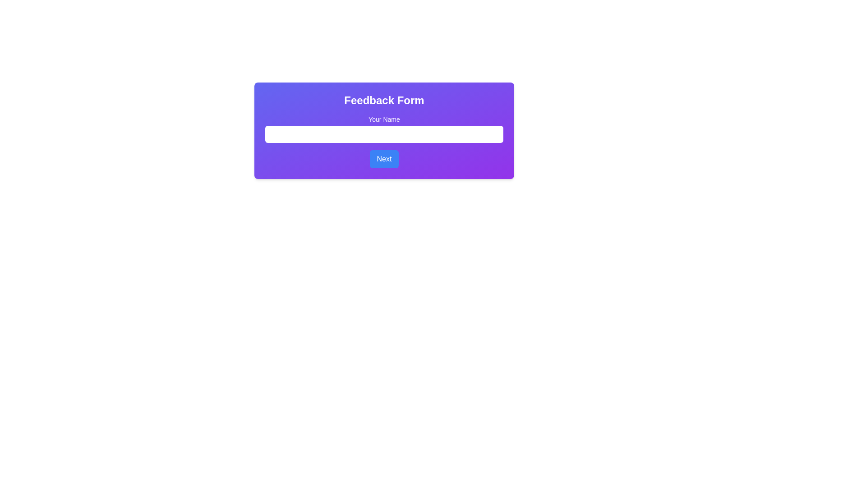 The image size is (866, 487). What do you see at coordinates (384, 129) in the screenshot?
I see `the label that serves as guidance for the input field below, positioned above the input field and the 'Next' button` at bounding box center [384, 129].